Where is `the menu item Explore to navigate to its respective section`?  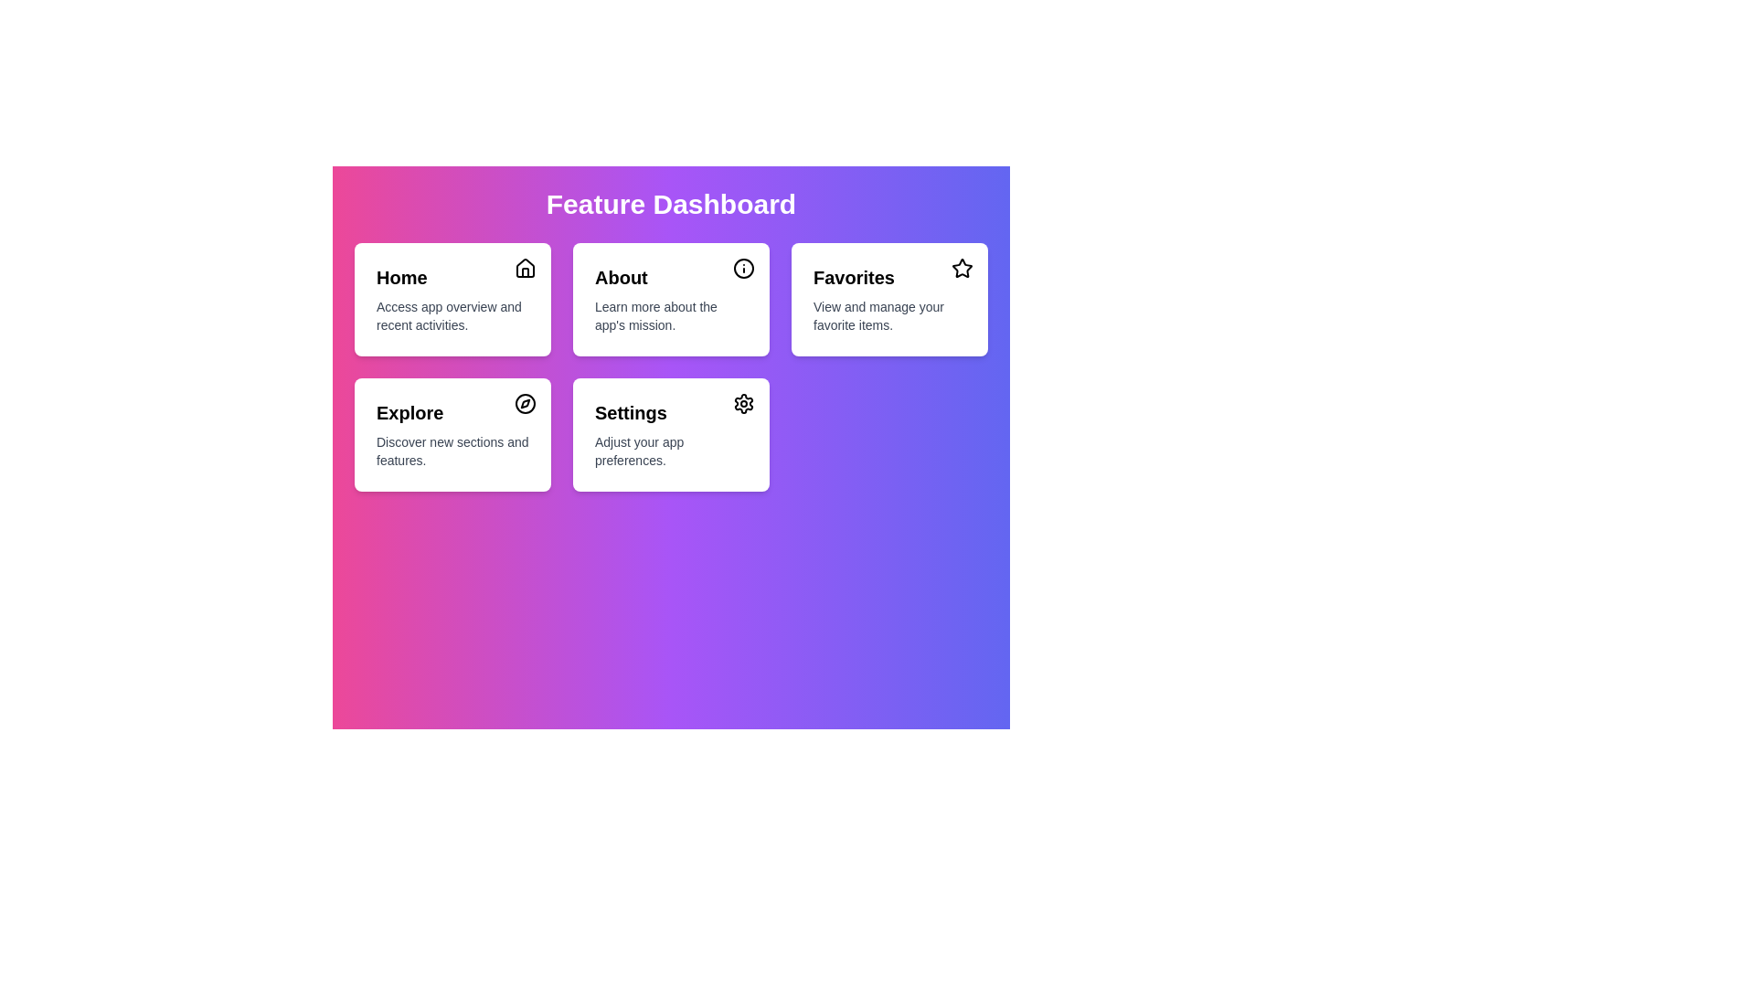
the menu item Explore to navigate to its respective section is located at coordinates (452, 434).